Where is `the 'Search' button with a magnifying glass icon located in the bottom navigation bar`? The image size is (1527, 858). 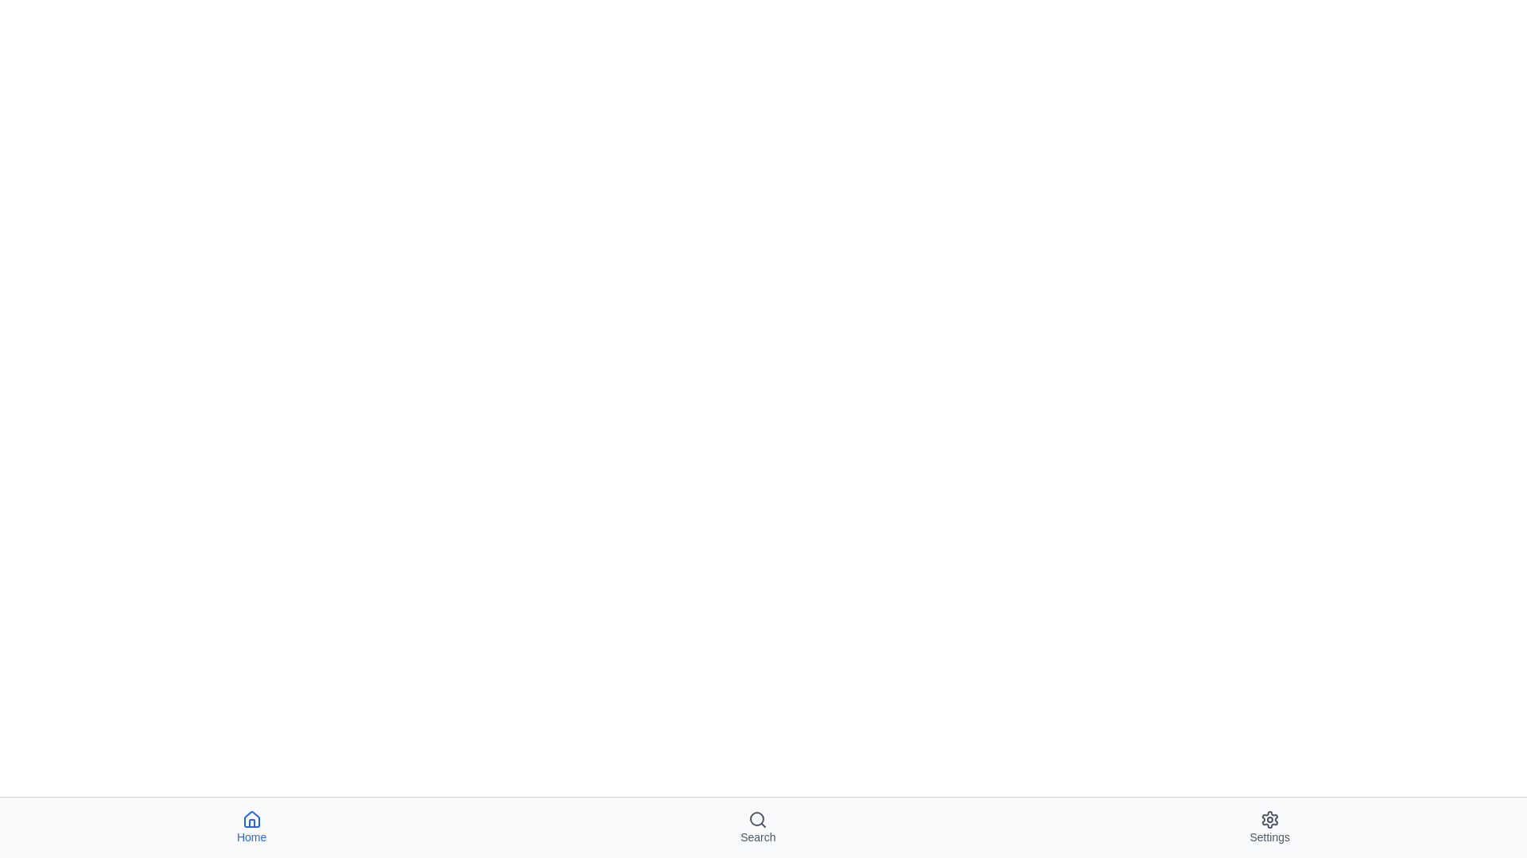
the 'Search' button with a magnifying glass icon located in the bottom navigation bar is located at coordinates (757, 826).